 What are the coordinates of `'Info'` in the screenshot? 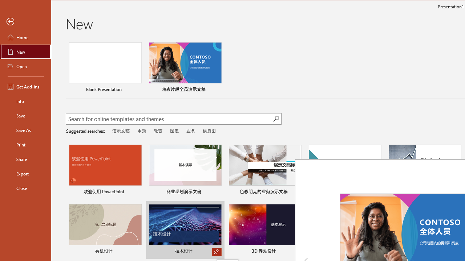 It's located at (26, 101).